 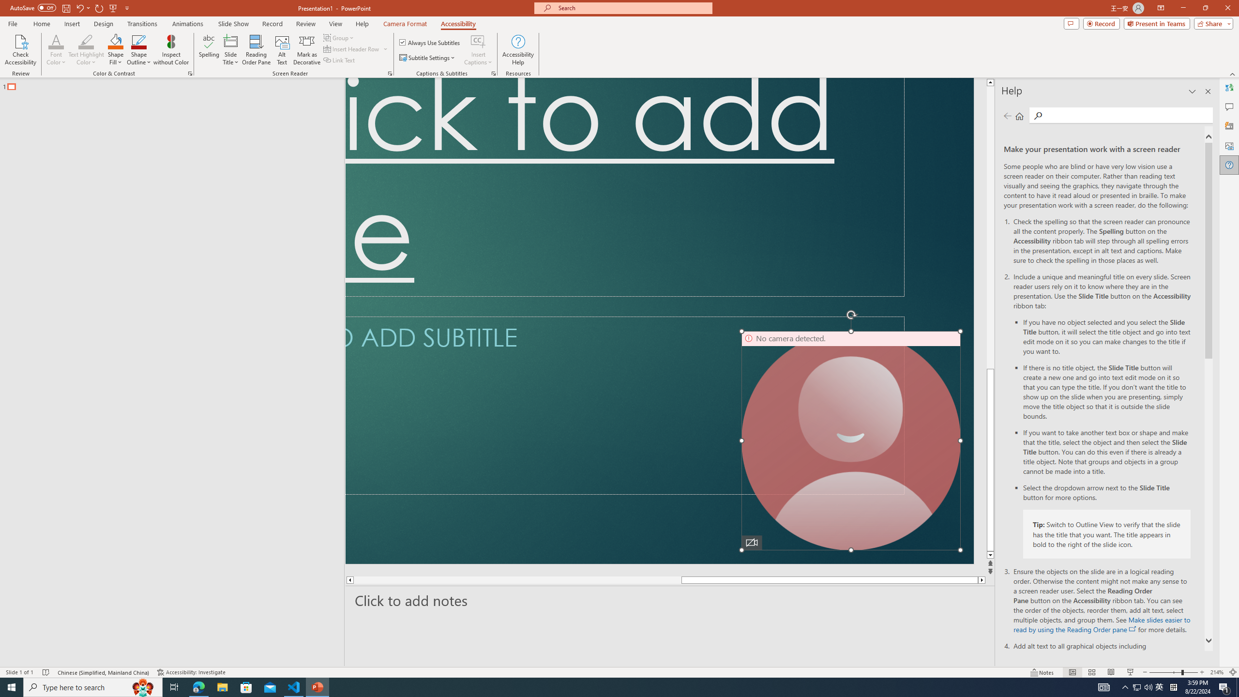 What do you see at coordinates (85, 41) in the screenshot?
I see `'Text Highlight Color'` at bounding box center [85, 41].